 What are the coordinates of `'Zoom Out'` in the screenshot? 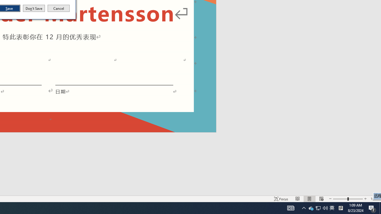 It's located at (340, 199).